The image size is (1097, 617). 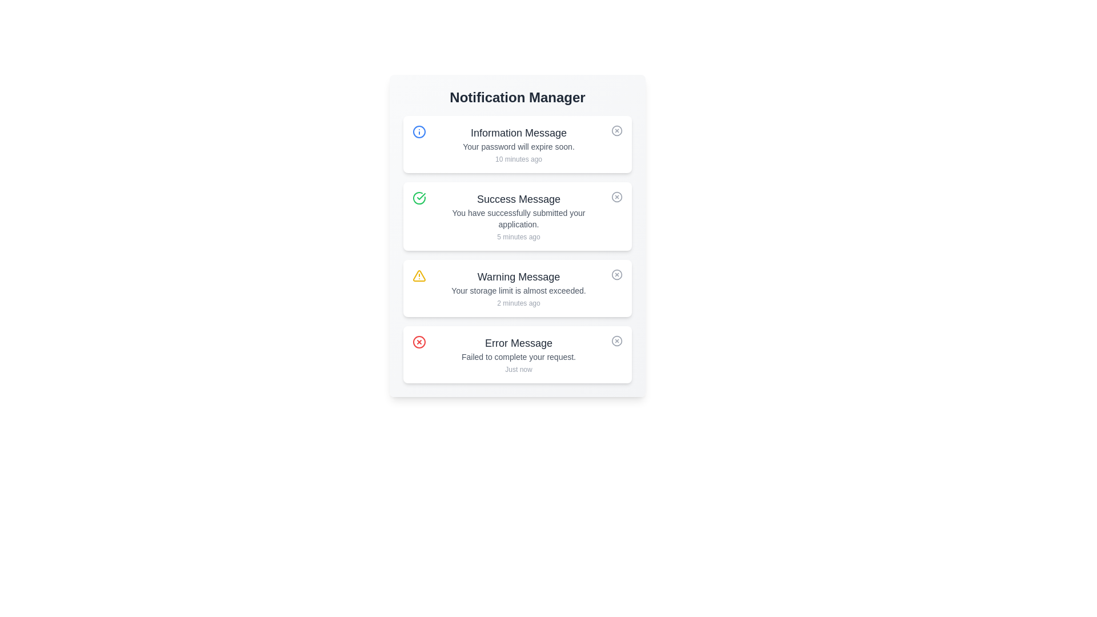 I want to click on the static visual feedback of the circular SVG shape with a solid outline located on the right side of the 'Success Message' card in the notification panel, so click(x=616, y=196).